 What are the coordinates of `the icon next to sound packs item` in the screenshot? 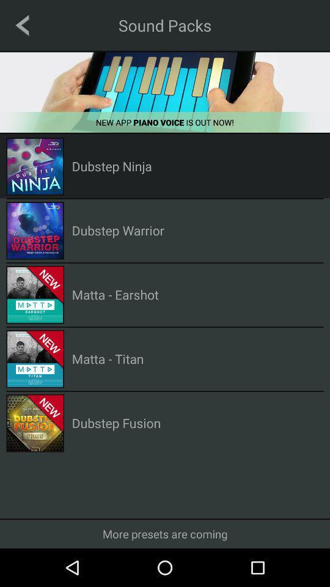 It's located at (22, 24).